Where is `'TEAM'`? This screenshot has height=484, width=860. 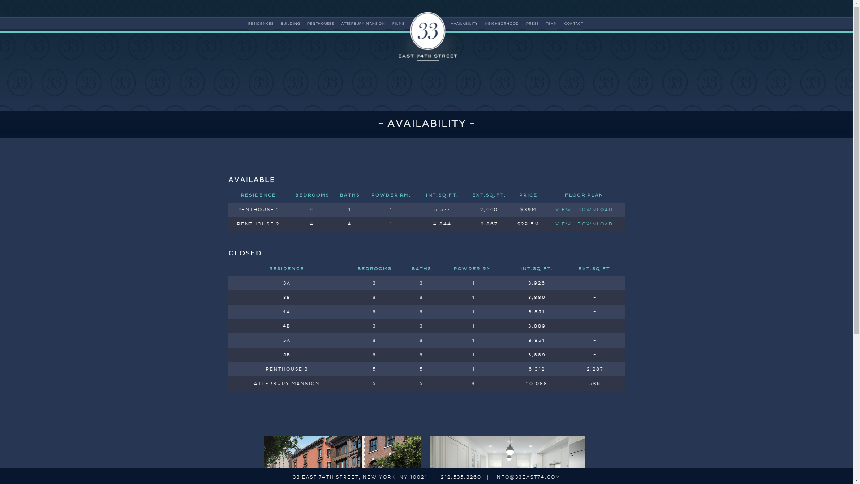
'TEAM' is located at coordinates (546, 23).